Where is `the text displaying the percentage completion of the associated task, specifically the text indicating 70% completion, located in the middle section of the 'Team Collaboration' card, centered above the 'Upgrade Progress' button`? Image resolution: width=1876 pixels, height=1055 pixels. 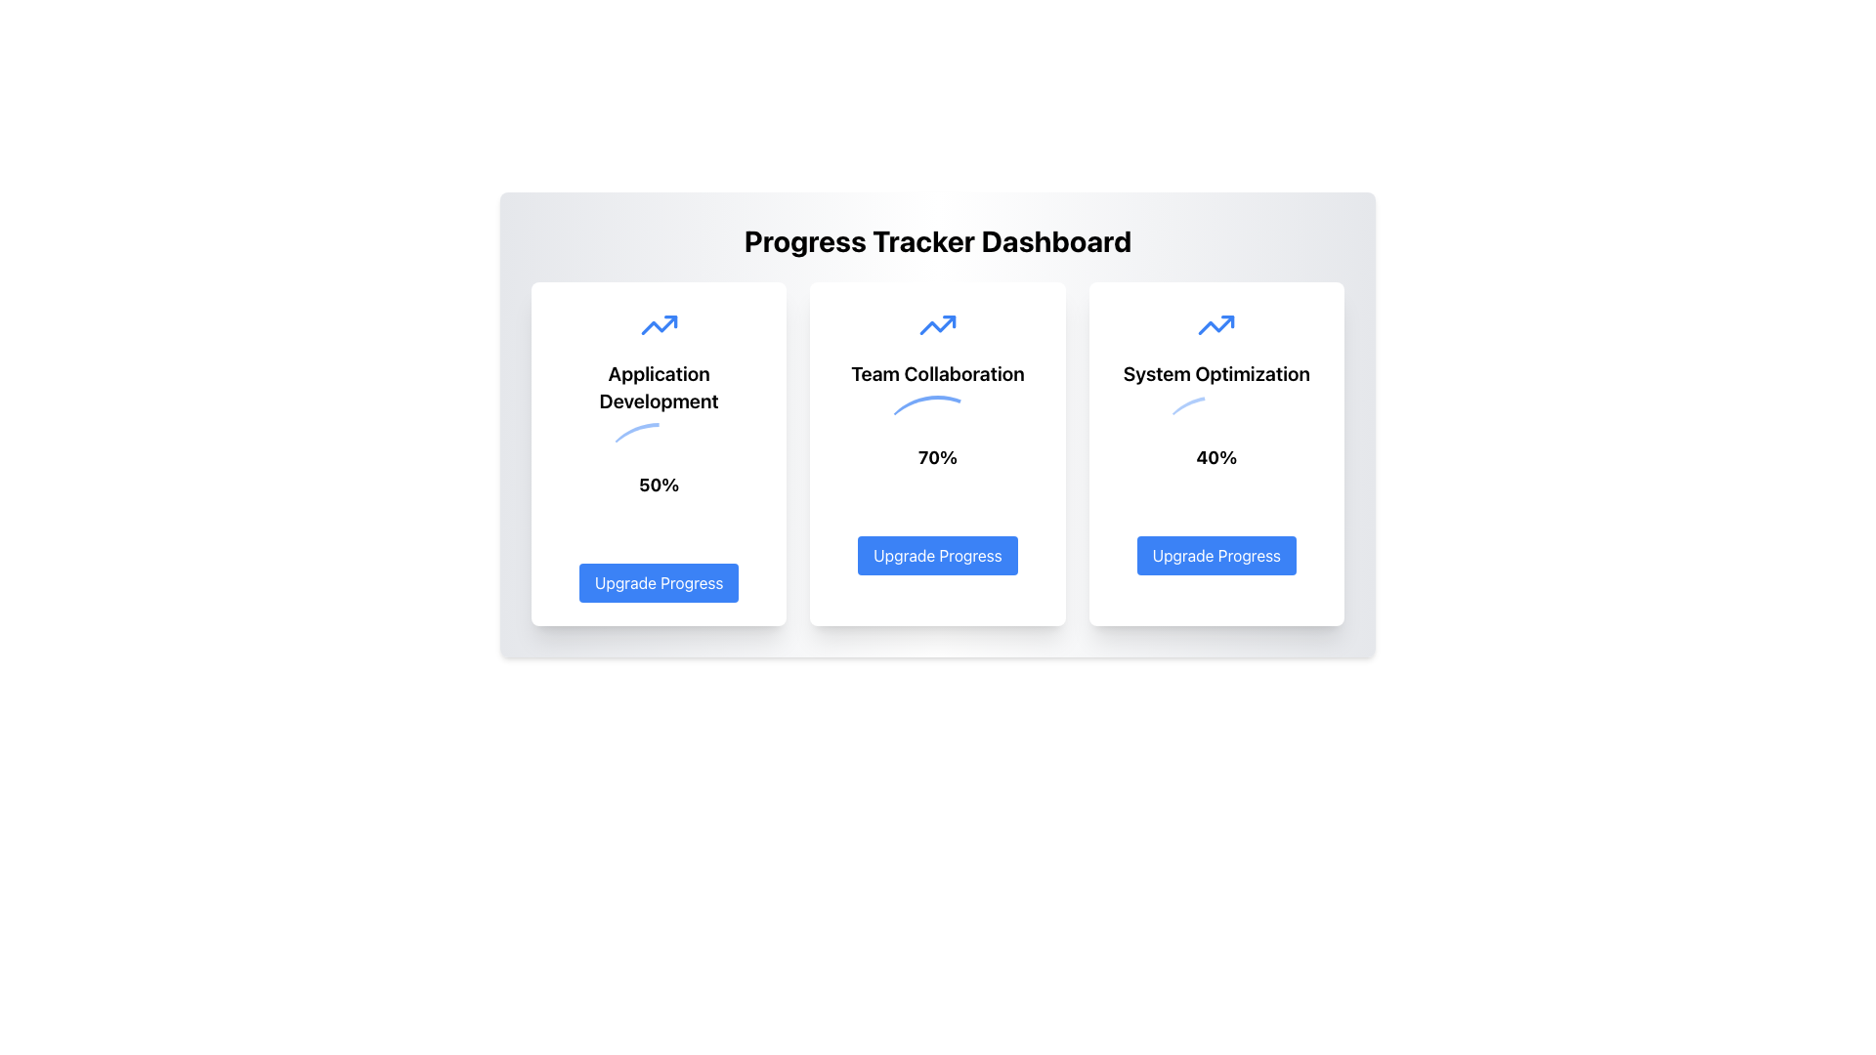 the text displaying the percentage completion of the associated task, specifically the text indicating 70% completion, located in the middle section of the 'Team Collaboration' card, centered above the 'Upgrade Progress' button is located at coordinates (938, 458).